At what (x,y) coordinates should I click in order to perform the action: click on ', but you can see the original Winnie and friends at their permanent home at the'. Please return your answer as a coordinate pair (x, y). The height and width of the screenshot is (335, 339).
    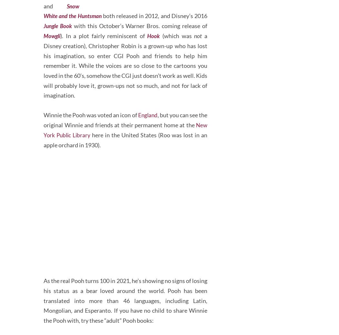
    Looking at the image, I should click on (125, 148).